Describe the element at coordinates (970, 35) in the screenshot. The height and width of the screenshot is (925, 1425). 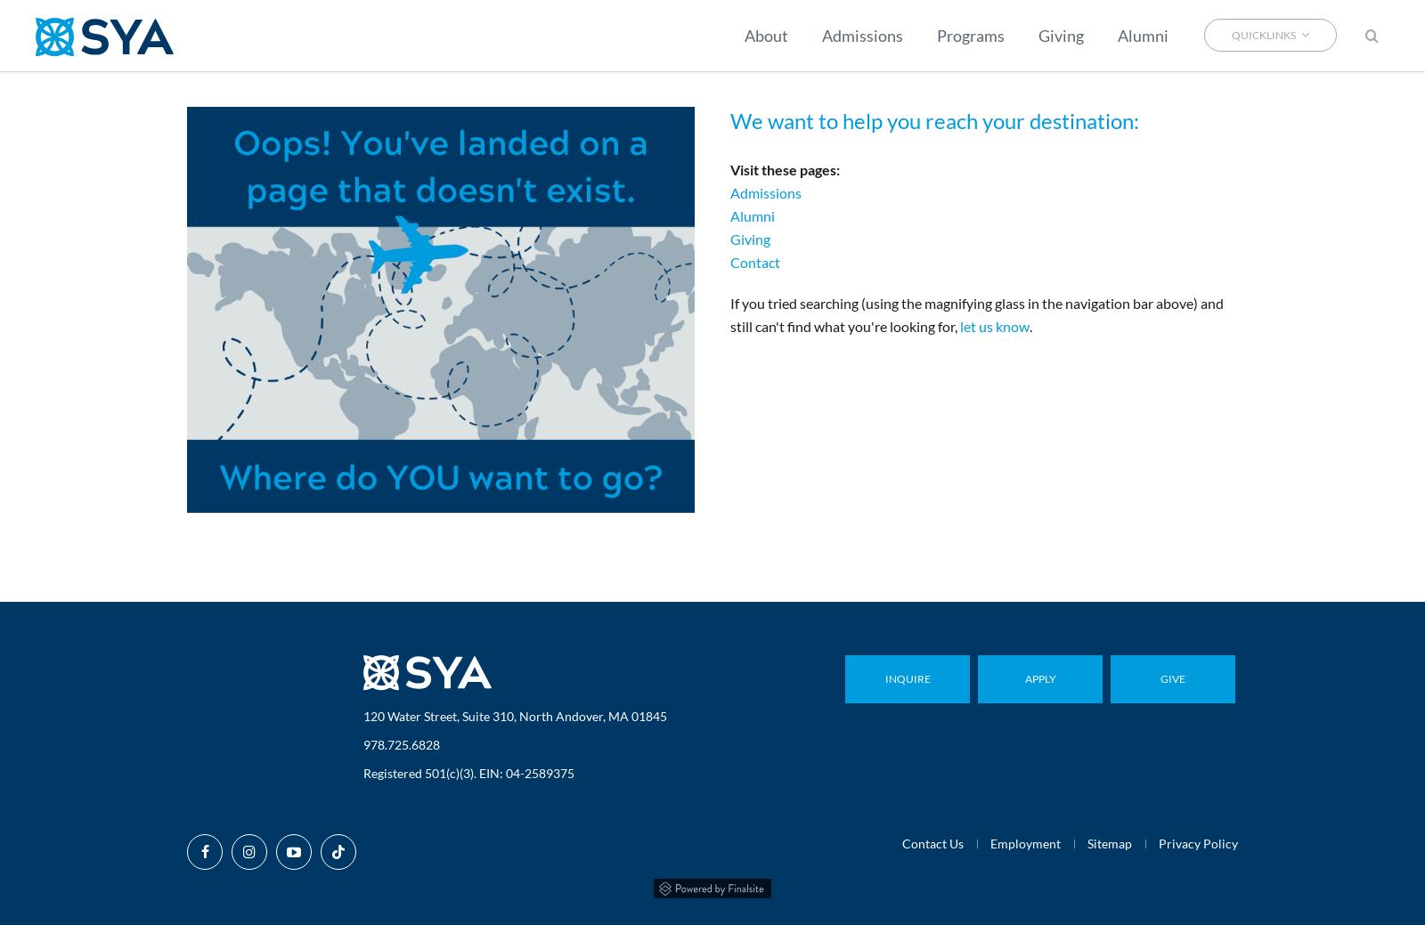
I see `'Programs'` at that location.